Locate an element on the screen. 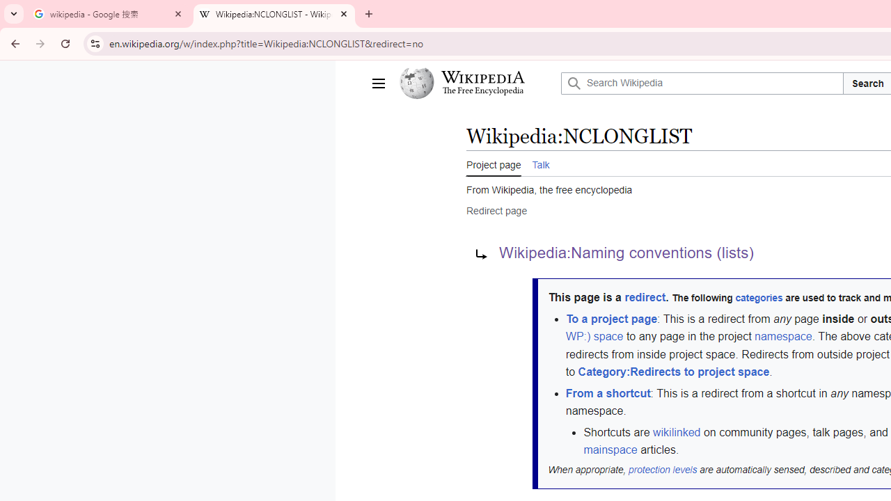  'The Free Encyclopedia' is located at coordinates (482, 91).